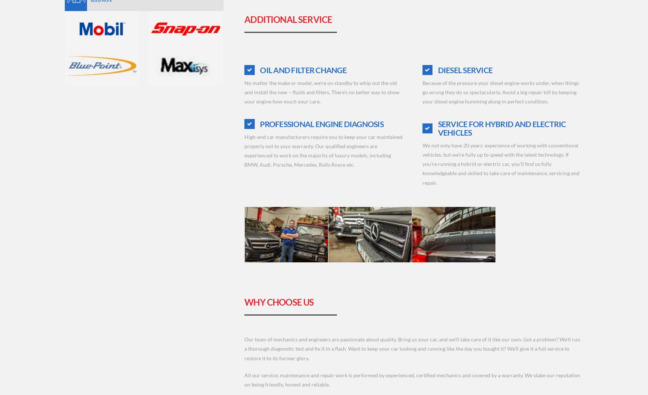 The height and width of the screenshot is (395, 648). Describe the element at coordinates (500, 91) in the screenshot. I see `'Because of the pressure your diesel engine works under, when things go wrong they do so spectacularly. Avoid a big repair bill by keeping your diesel engine humming along in perfect condition.'` at that location.